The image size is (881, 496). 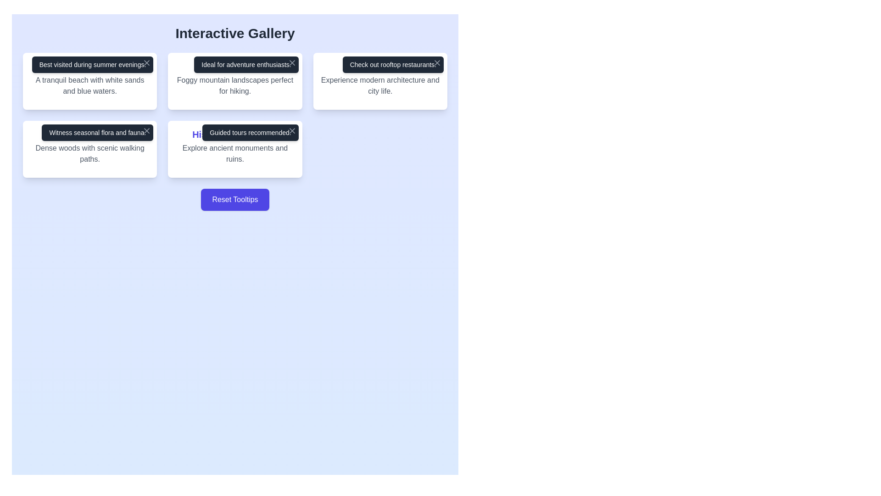 I want to click on the close button located in the top-right corner of the card titled 'Check out rooftop restaurants', so click(x=437, y=62).